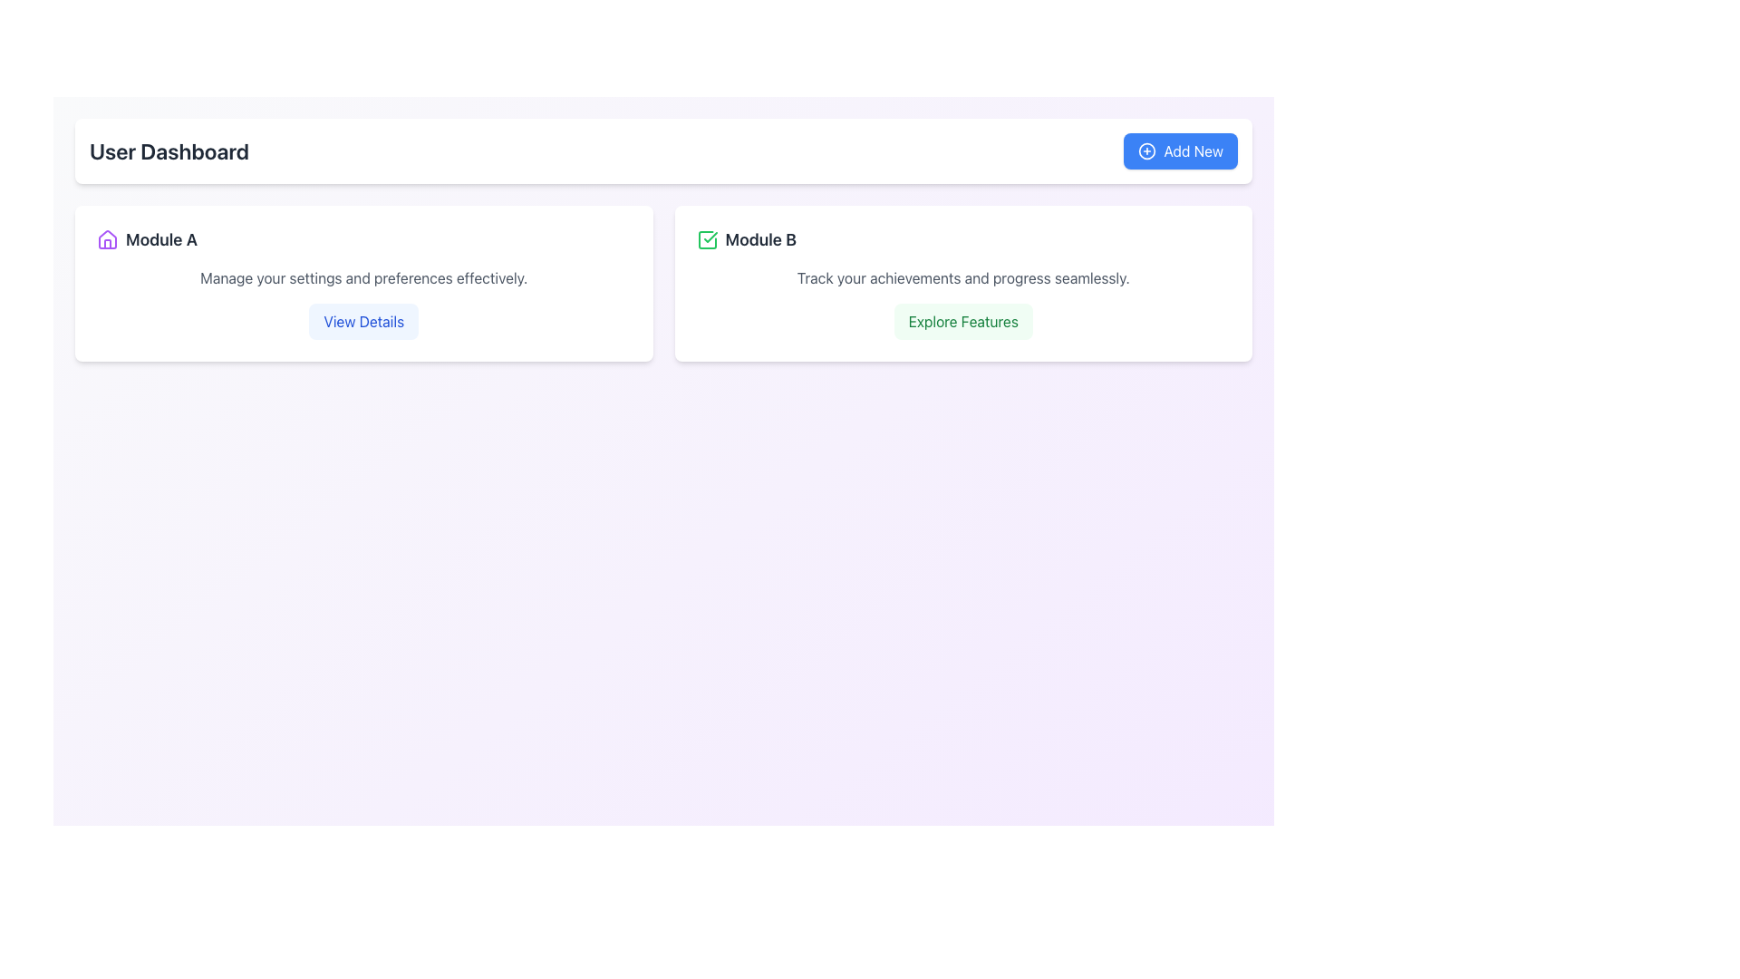 This screenshot has height=979, width=1740. Describe the element at coordinates (962, 278) in the screenshot. I see `the non-interactive descriptive text component located within the 'Module B' card in the user dashboard interface, which provides supporting information for the module title and call-to-action button` at that location.